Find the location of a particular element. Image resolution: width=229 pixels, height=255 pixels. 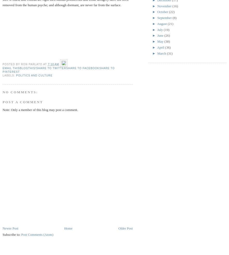

'November' is located at coordinates (164, 5).